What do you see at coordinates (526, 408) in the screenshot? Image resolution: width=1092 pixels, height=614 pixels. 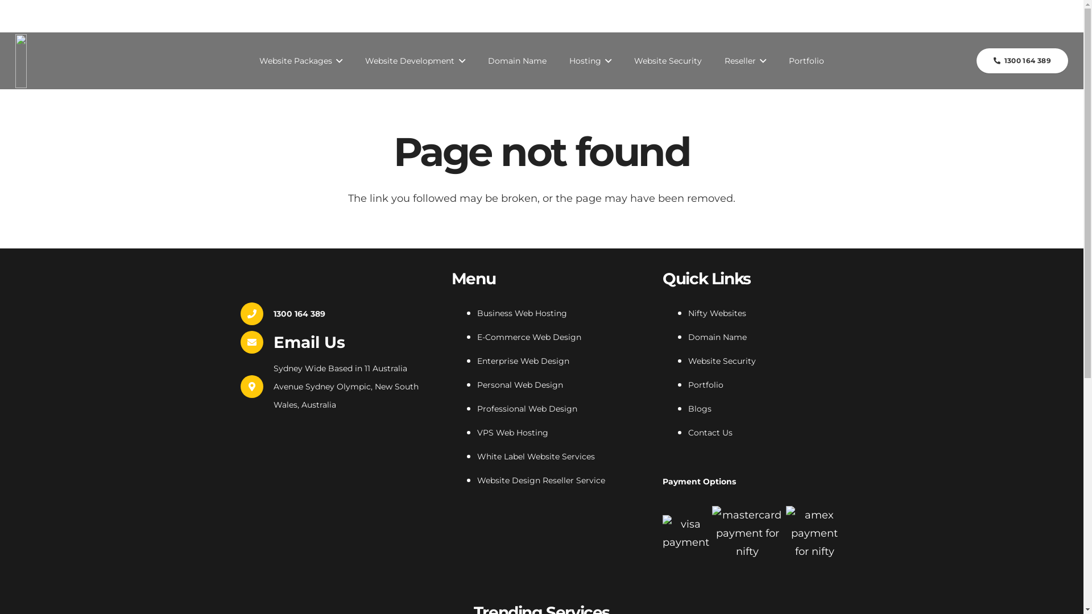 I see `'Professional Web Design'` at bounding box center [526, 408].